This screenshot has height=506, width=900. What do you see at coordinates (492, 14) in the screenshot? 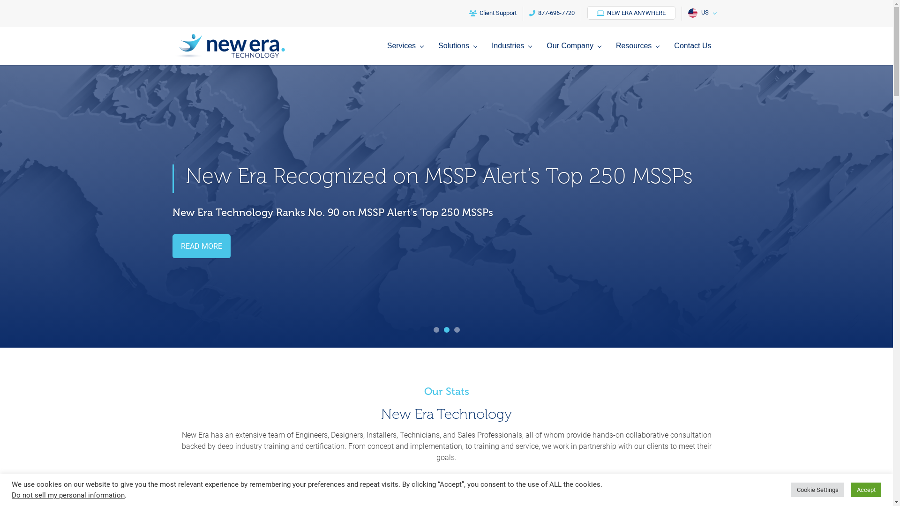
I see `'Client Support'` at bounding box center [492, 14].